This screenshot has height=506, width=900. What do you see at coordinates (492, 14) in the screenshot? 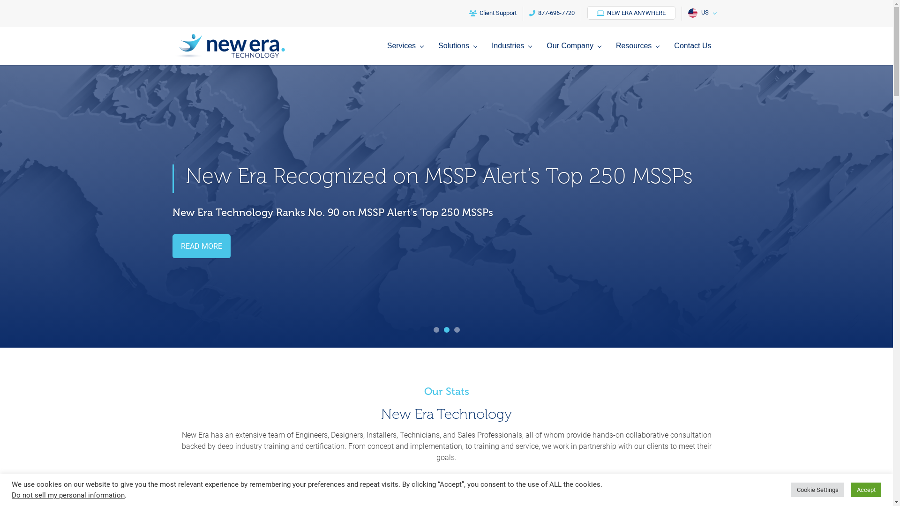
I see `'Client Support'` at bounding box center [492, 14].